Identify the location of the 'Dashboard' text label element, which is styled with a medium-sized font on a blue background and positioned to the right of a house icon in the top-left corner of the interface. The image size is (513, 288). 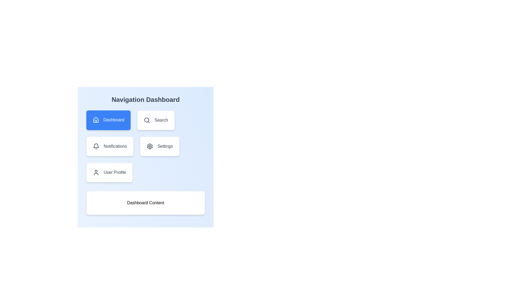
(114, 120).